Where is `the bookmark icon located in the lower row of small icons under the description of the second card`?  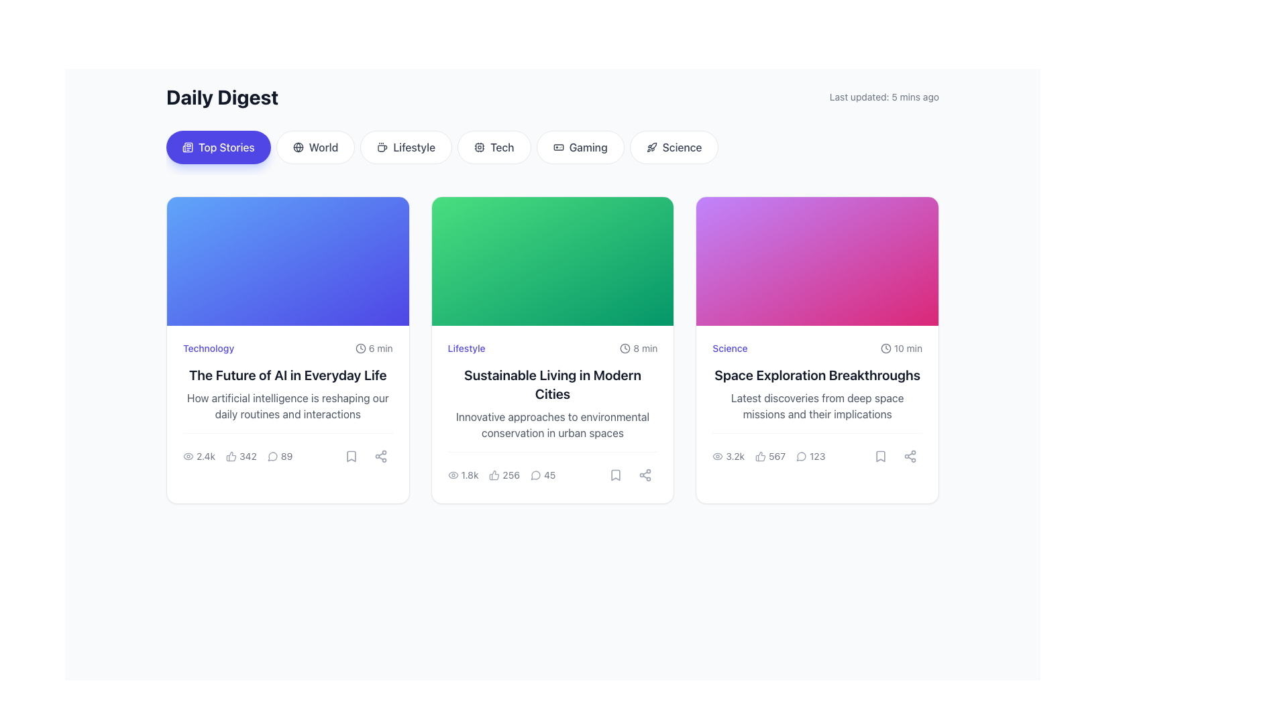 the bookmark icon located in the lower row of small icons under the description of the second card is located at coordinates (615, 475).